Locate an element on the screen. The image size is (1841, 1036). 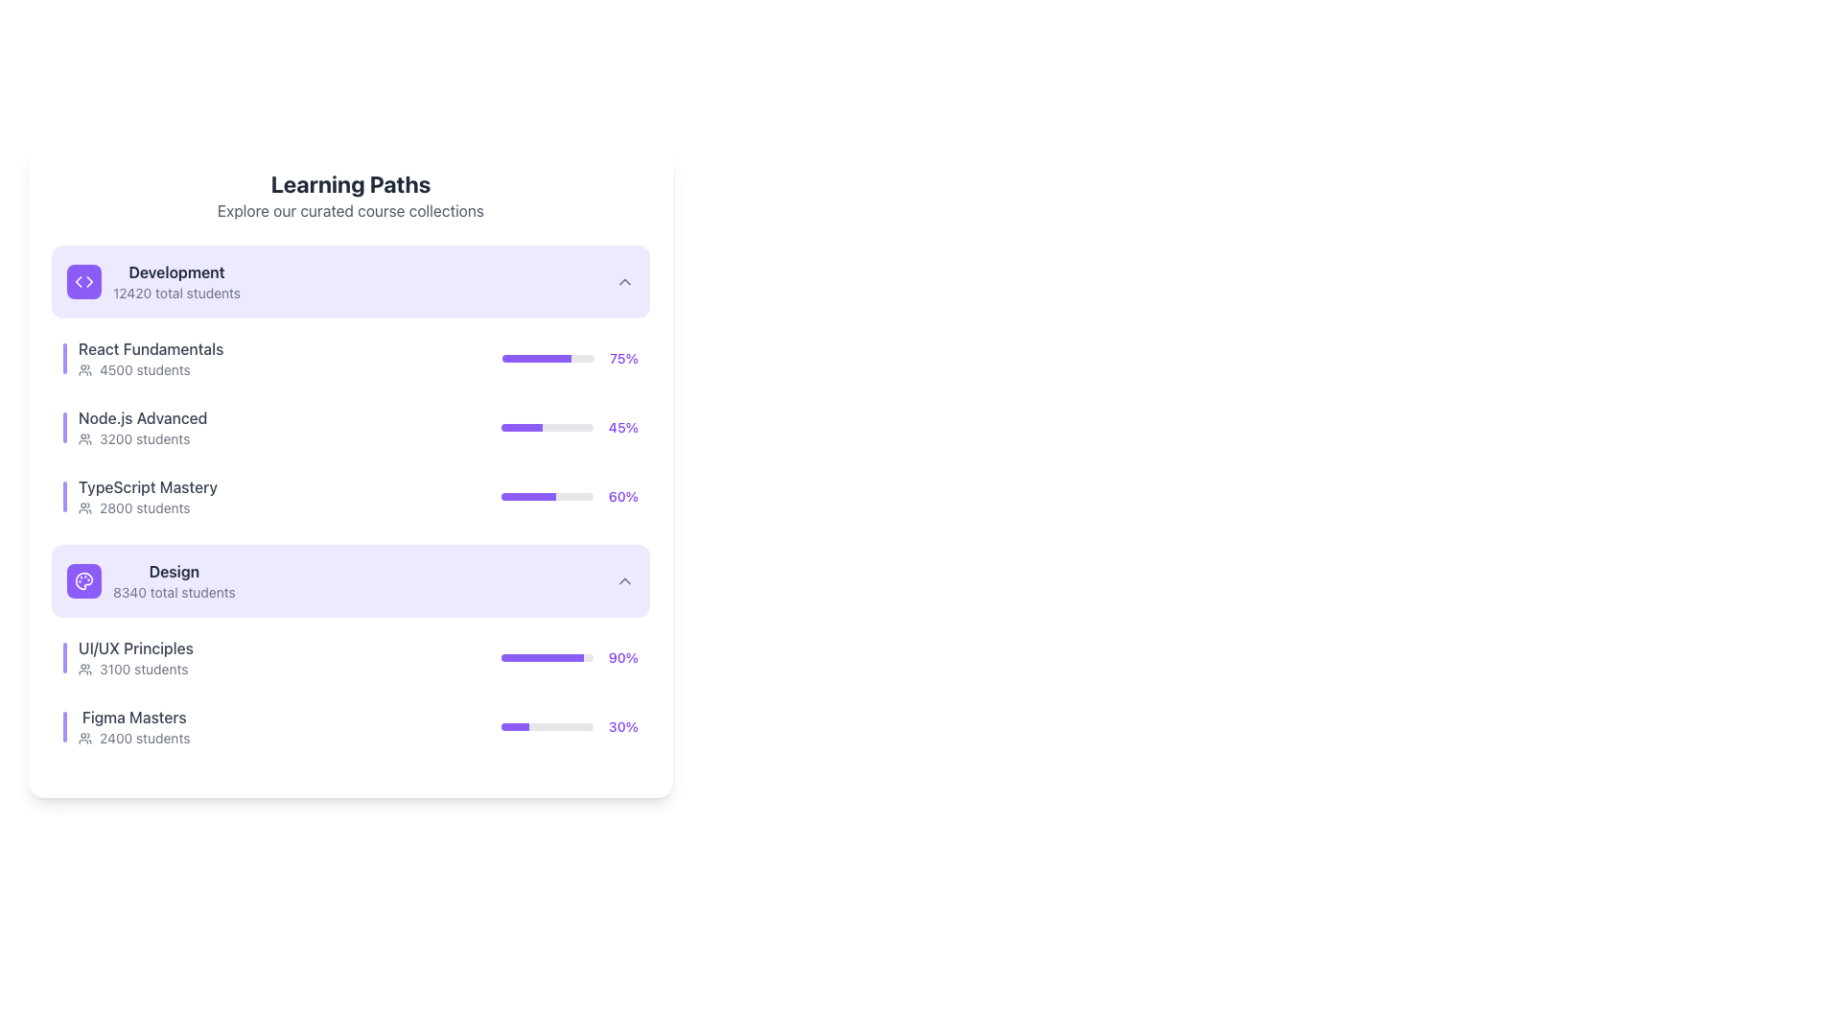
the hyperlink labeled 'React Fundamentals', which is the first clickable item under the 'Development' section is located at coordinates (150, 348).